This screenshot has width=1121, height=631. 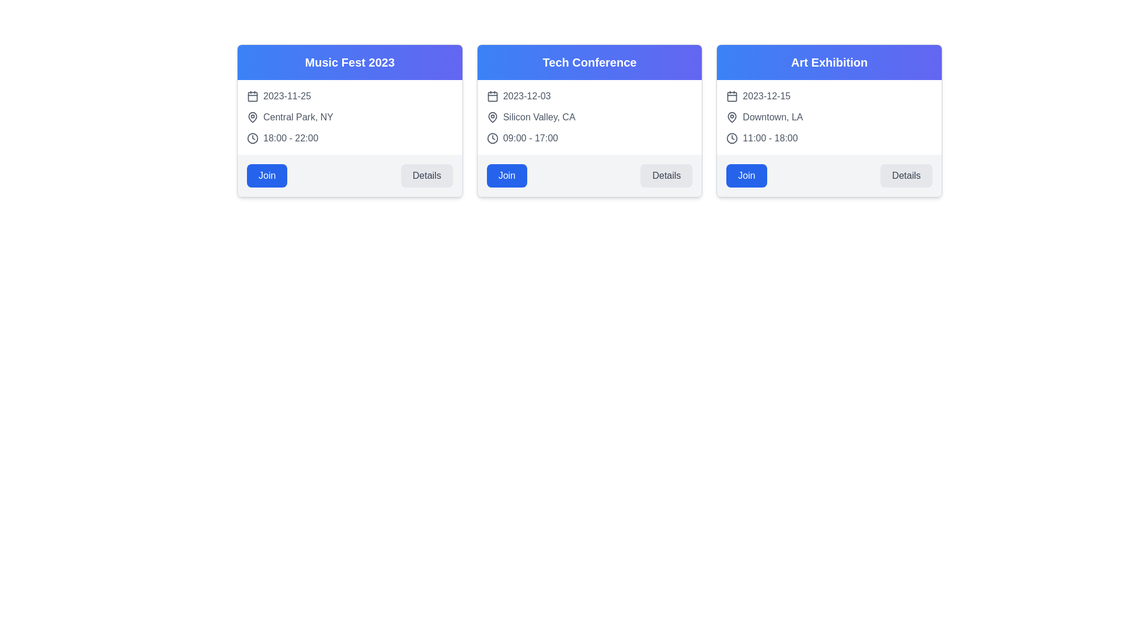 I want to click on the calendar icon located within the 'Art Exhibition' card, positioned near the top left corner, just before the date text '2023-12-15', so click(x=732, y=96).